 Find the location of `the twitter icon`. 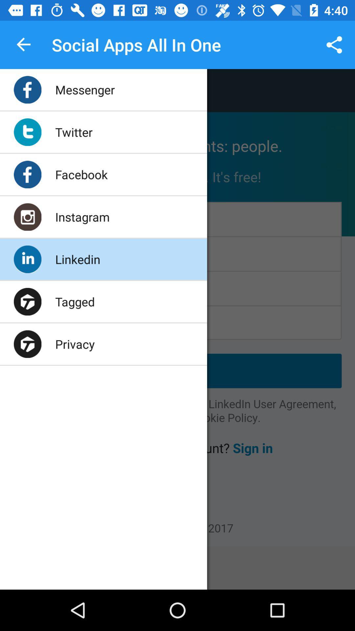

the twitter icon is located at coordinates (74, 132).